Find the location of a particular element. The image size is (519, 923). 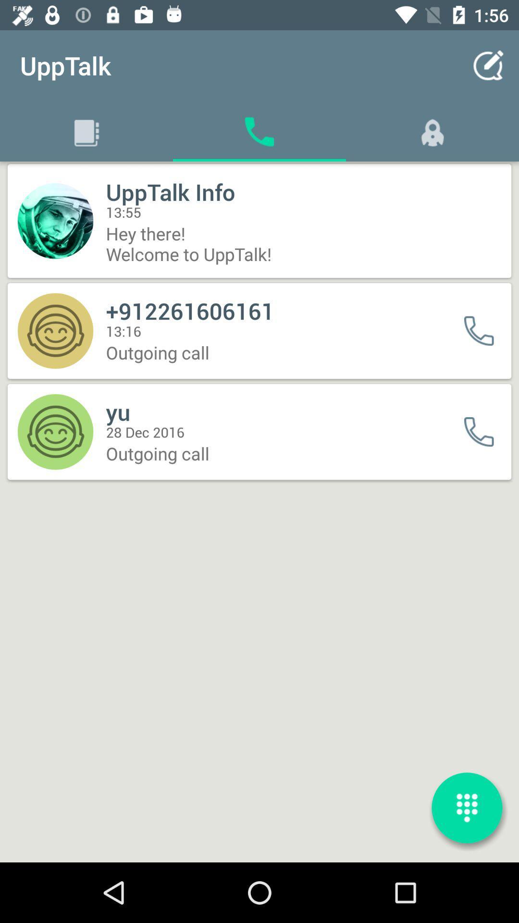

the dialpad icon is located at coordinates (467, 808).